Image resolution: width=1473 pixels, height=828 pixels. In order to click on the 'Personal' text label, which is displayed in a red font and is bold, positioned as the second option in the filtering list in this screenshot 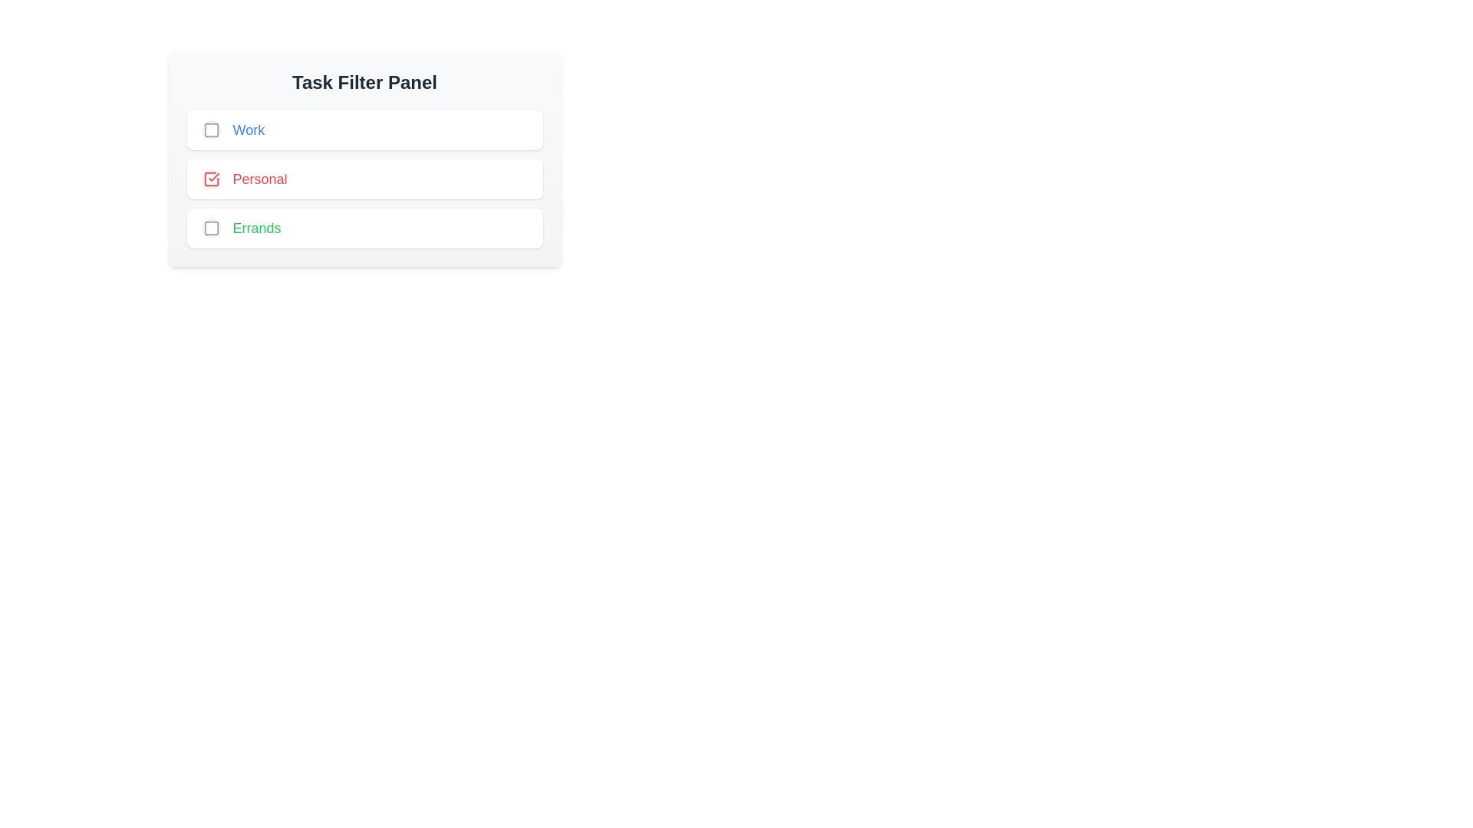, I will do `click(260, 179)`.